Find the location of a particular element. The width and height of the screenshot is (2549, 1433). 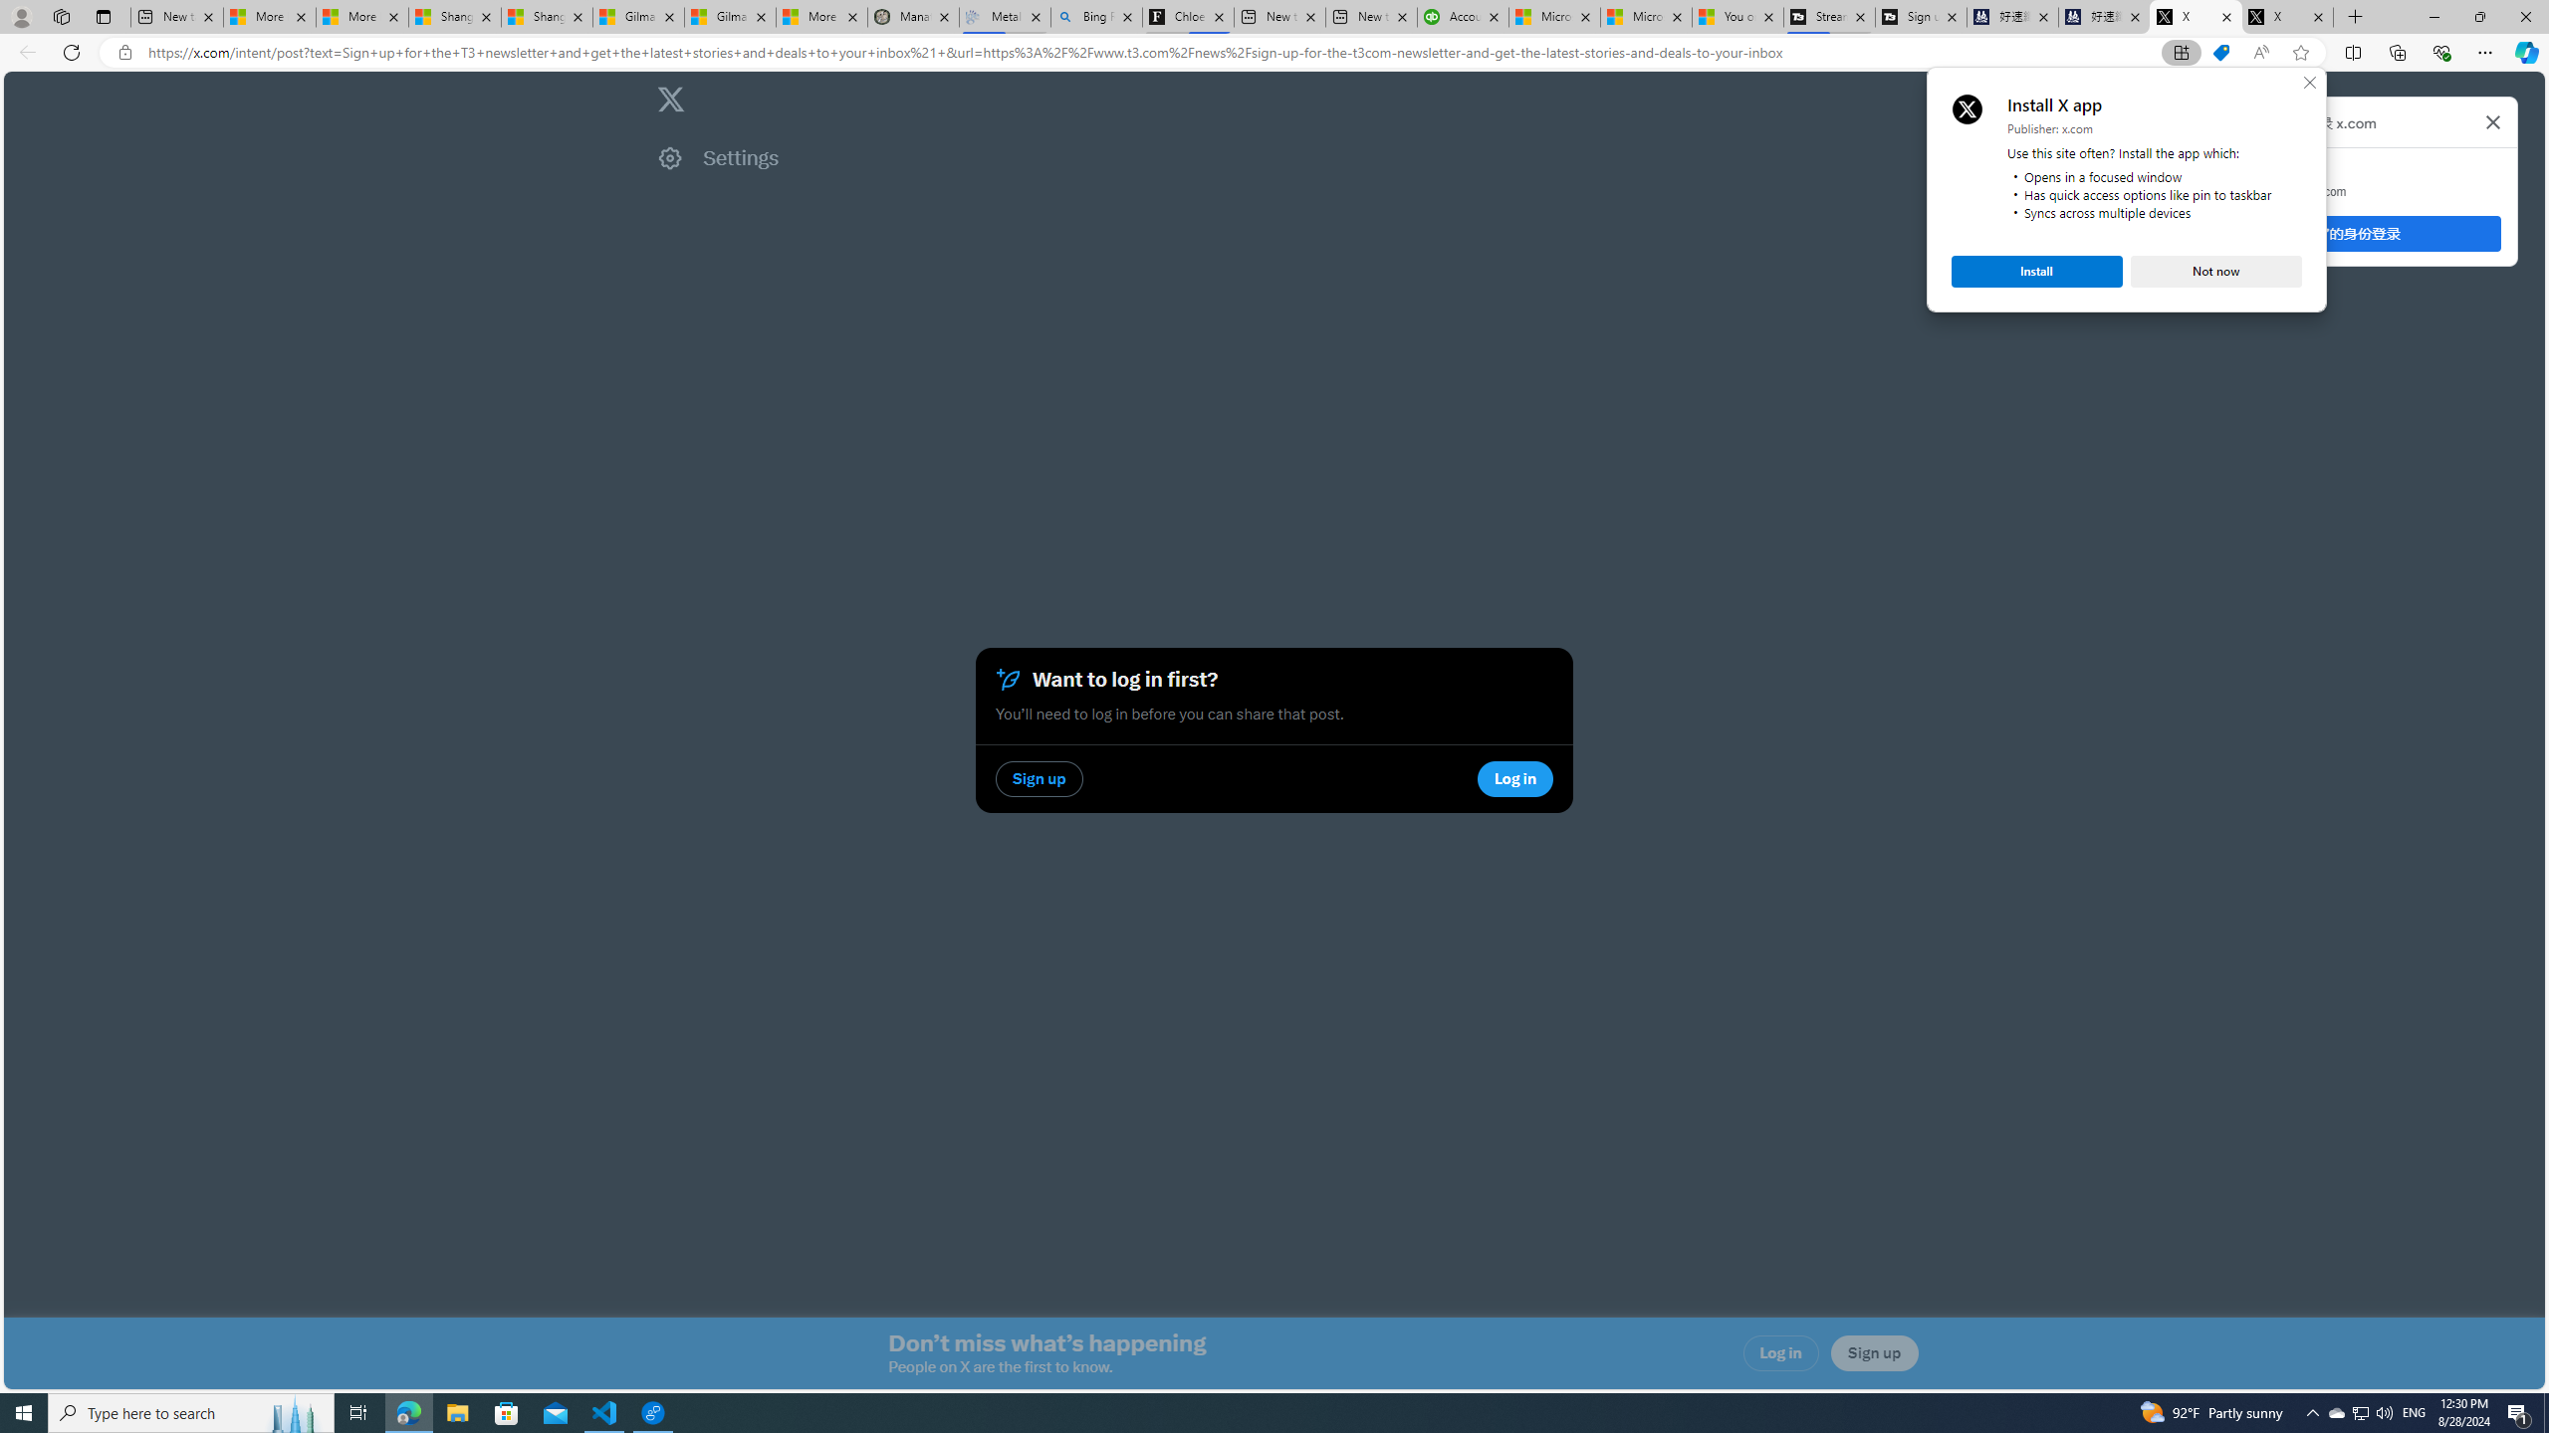

'Class: Bz112c Bz112c-r9oPif' is located at coordinates (2491, 121).